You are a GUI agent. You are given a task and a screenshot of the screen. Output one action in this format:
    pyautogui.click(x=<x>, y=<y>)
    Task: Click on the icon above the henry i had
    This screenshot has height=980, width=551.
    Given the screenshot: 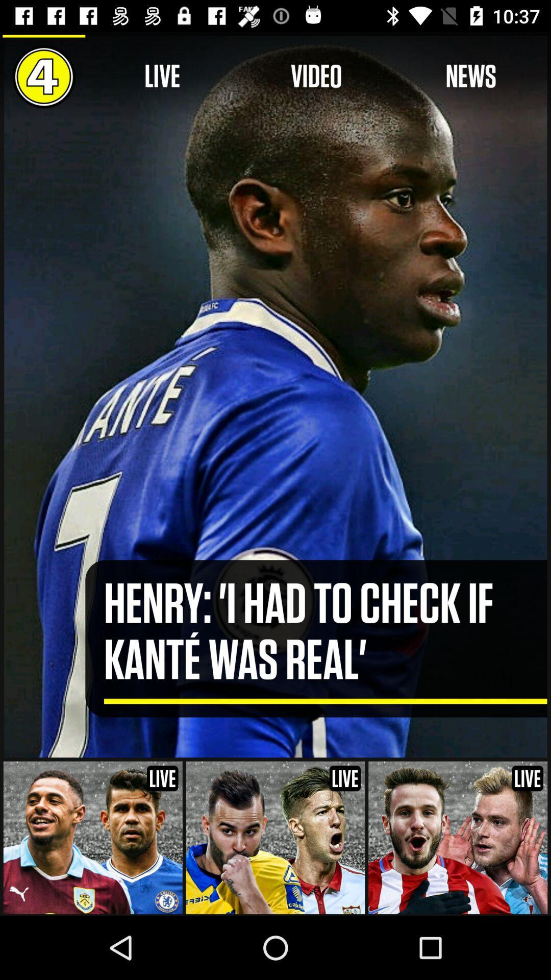 What is the action you would take?
    pyautogui.click(x=471, y=76)
    